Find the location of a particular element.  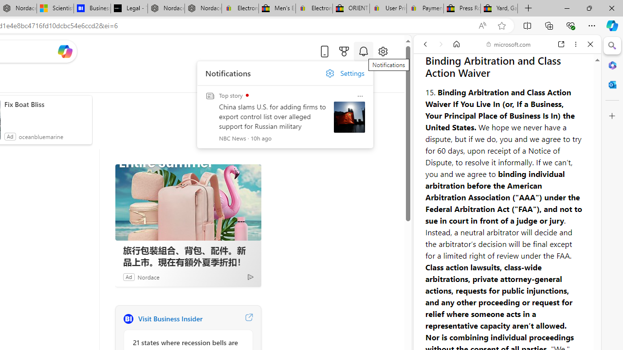

'Minimize Search pane' is located at coordinates (612, 46).